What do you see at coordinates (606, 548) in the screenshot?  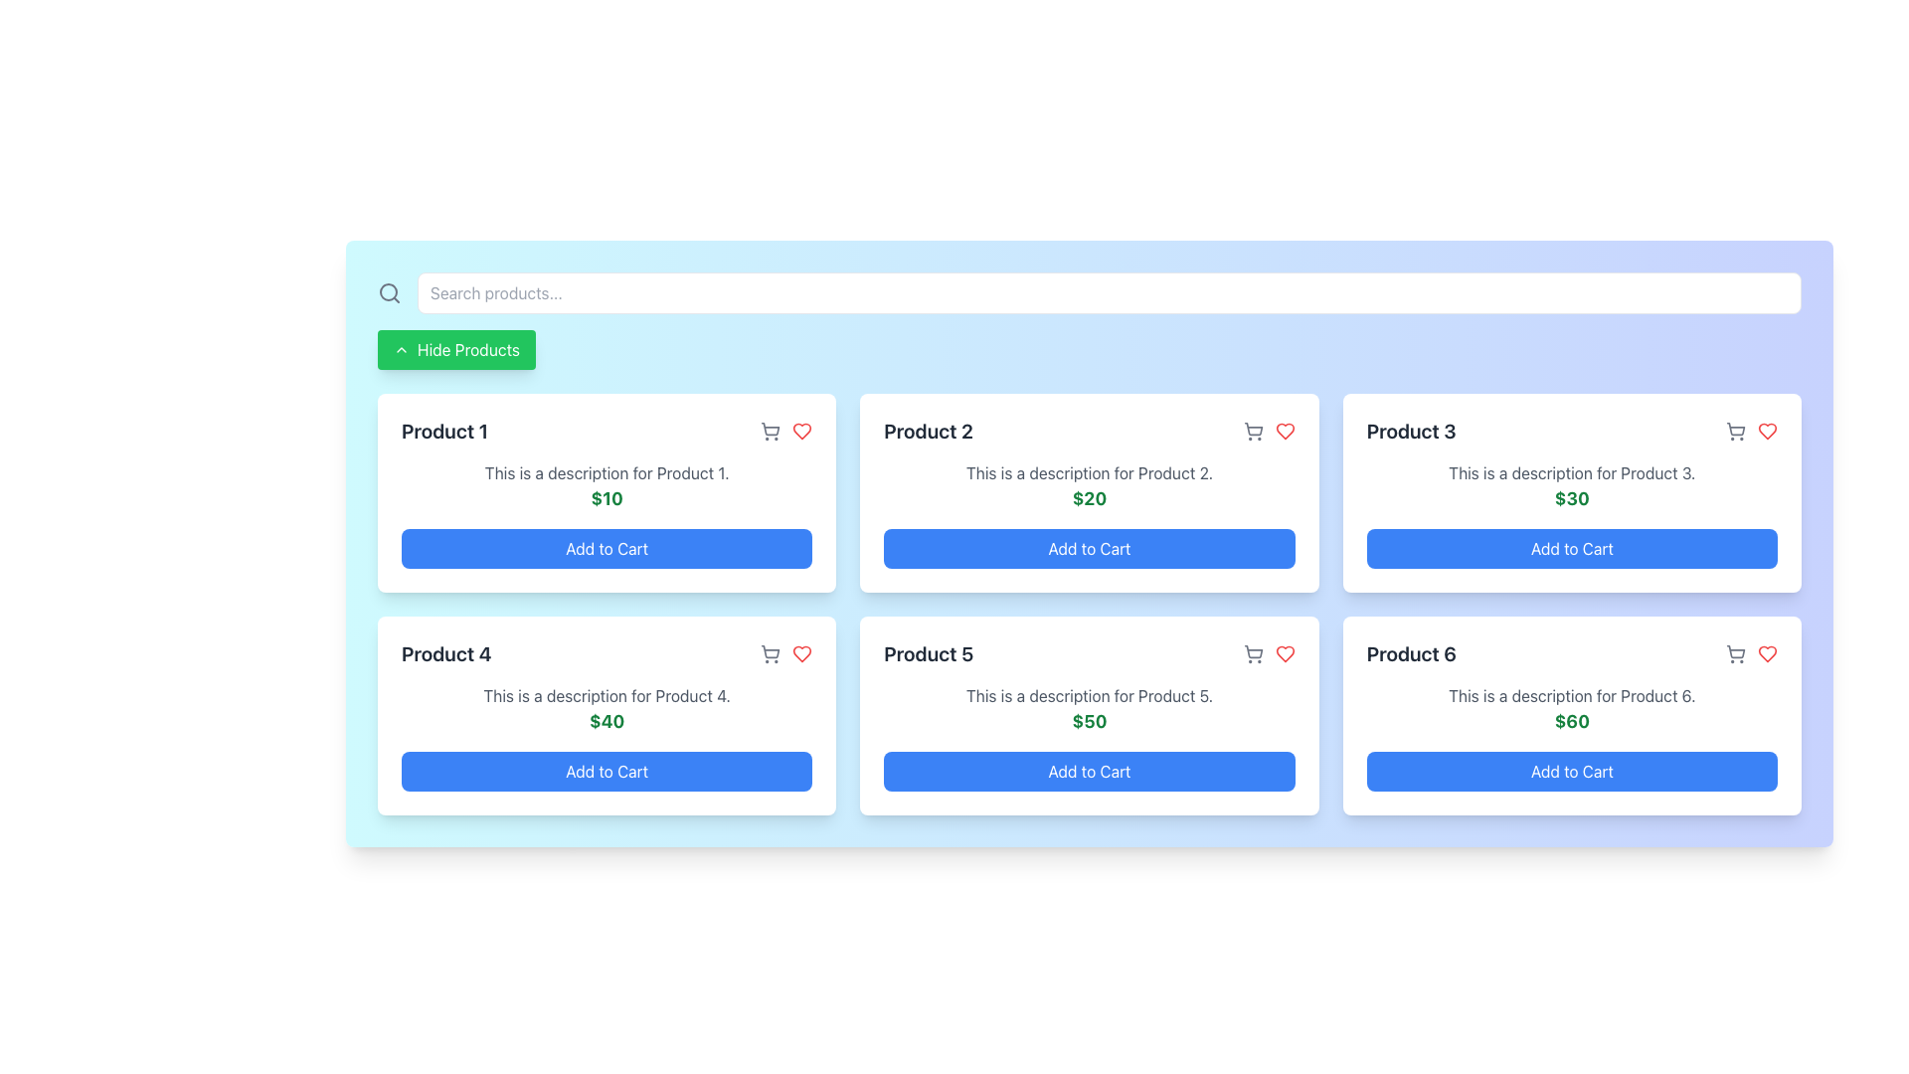 I see `the 'Add to Cart' button, which is a rectangular button with a vivid blue background and white text, located at the bottom section of the card for 'Product 1'` at bounding box center [606, 548].